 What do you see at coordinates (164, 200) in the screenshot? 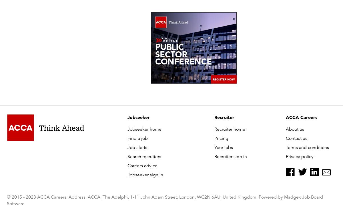
I see `'© 2015 - 2023 ACCA Careers. Address: ACCA, The Adelphi, 1-11 John Adam Street, London, WC2N 6AU, United Kingdom. 
	Powered by Madgex Job Board Software'` at bounding box center [164, 200].